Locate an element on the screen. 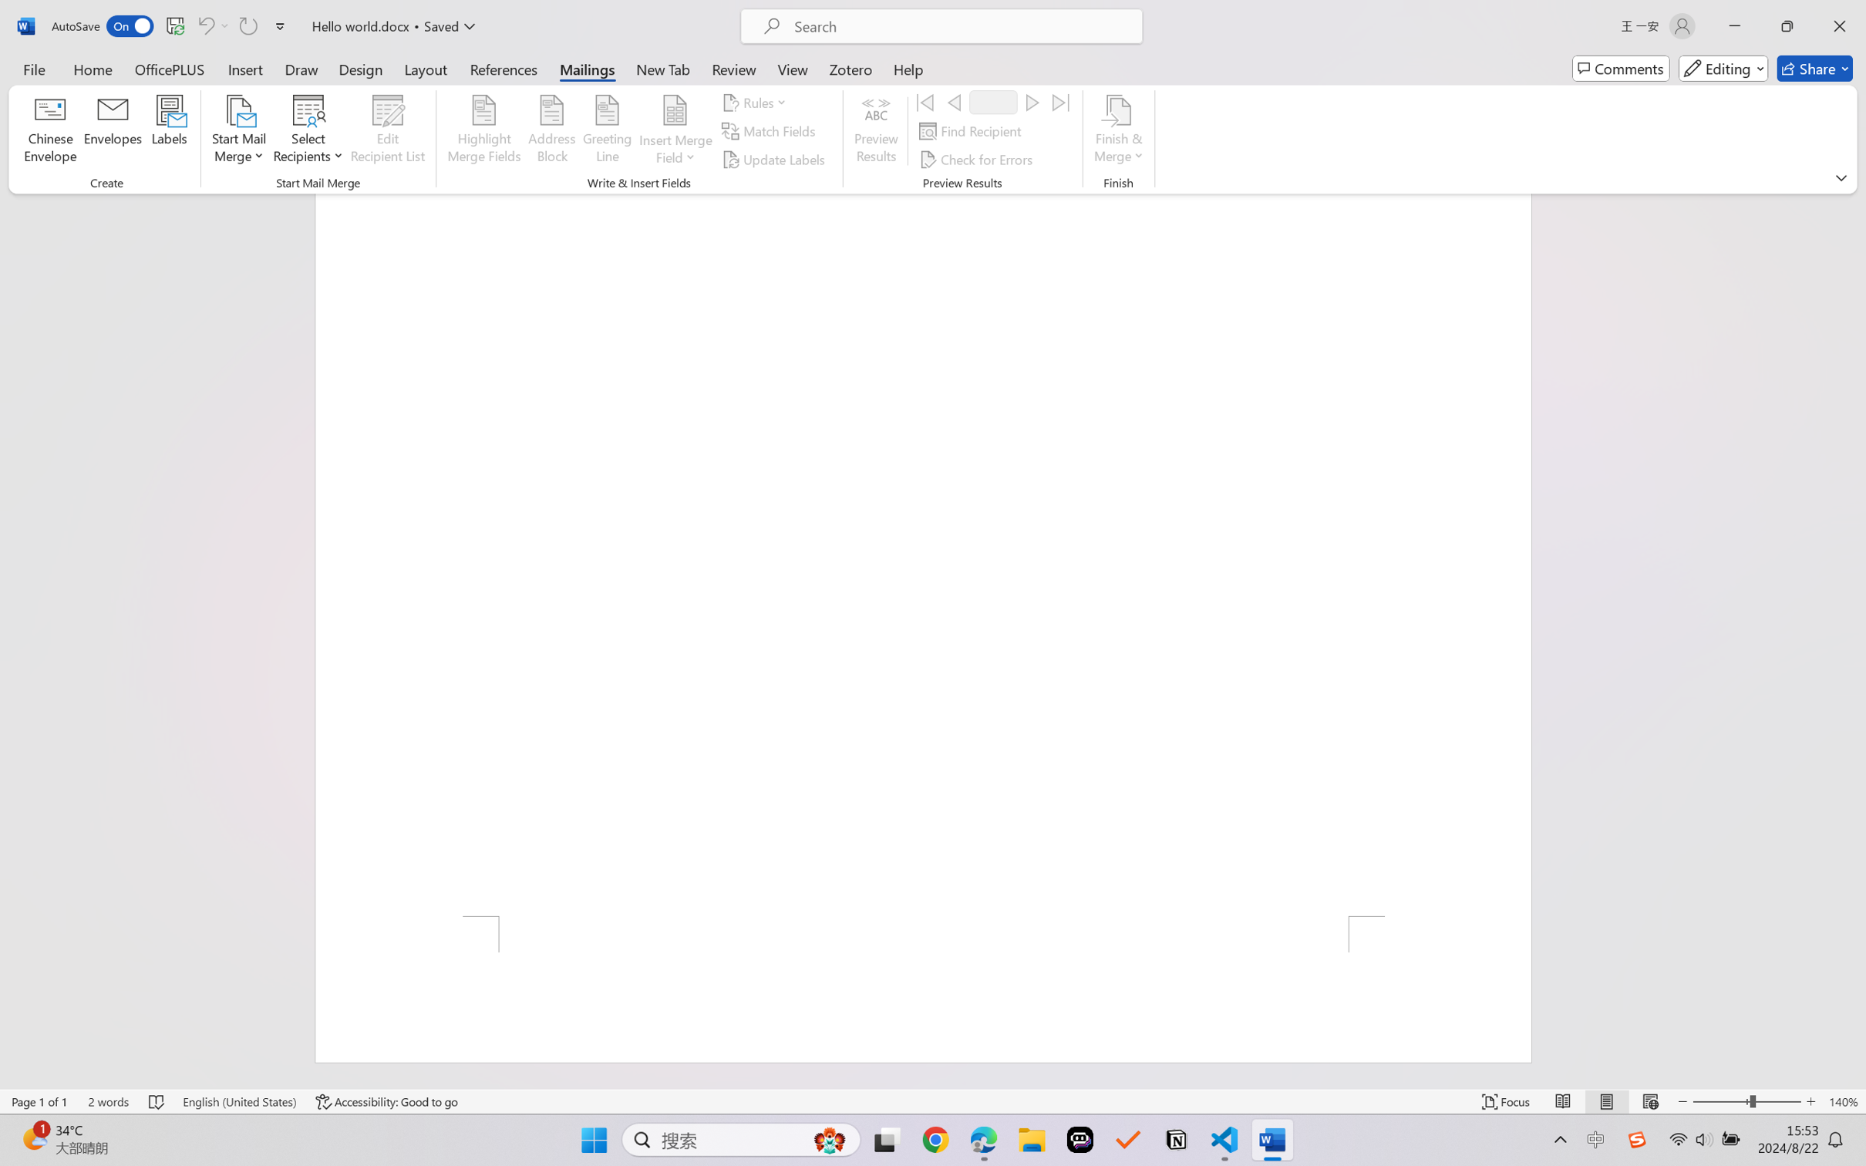  'Help' is located at coordinates (908, 68).